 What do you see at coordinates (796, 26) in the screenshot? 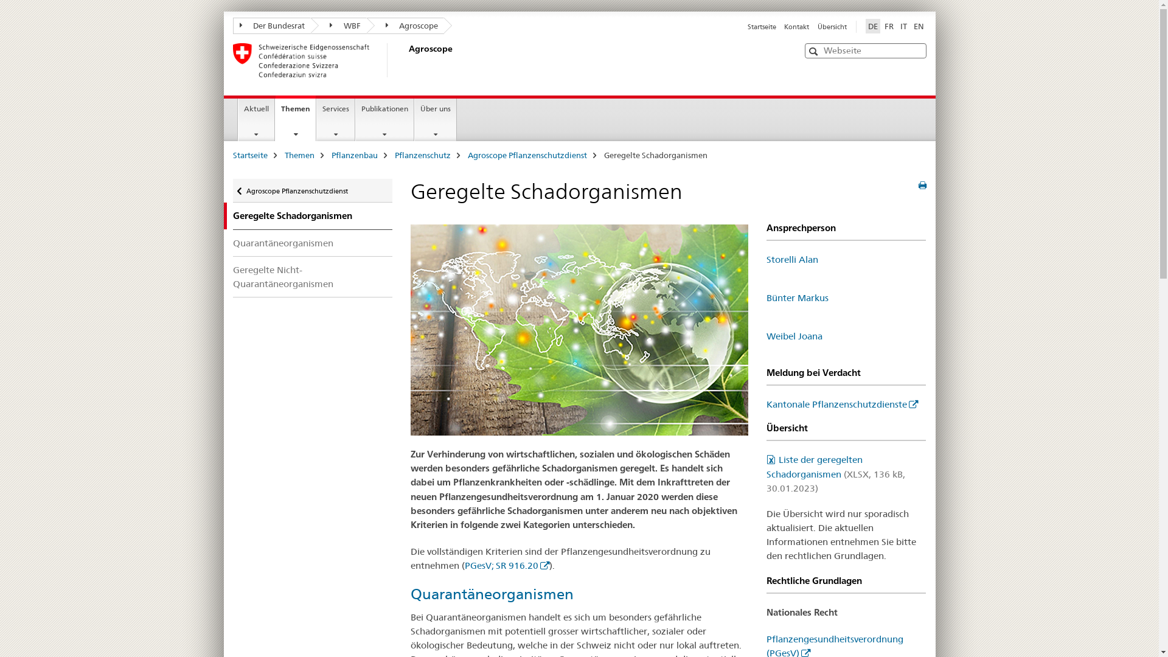
I see `'Kontakt'` at bounding box center [796, 26].